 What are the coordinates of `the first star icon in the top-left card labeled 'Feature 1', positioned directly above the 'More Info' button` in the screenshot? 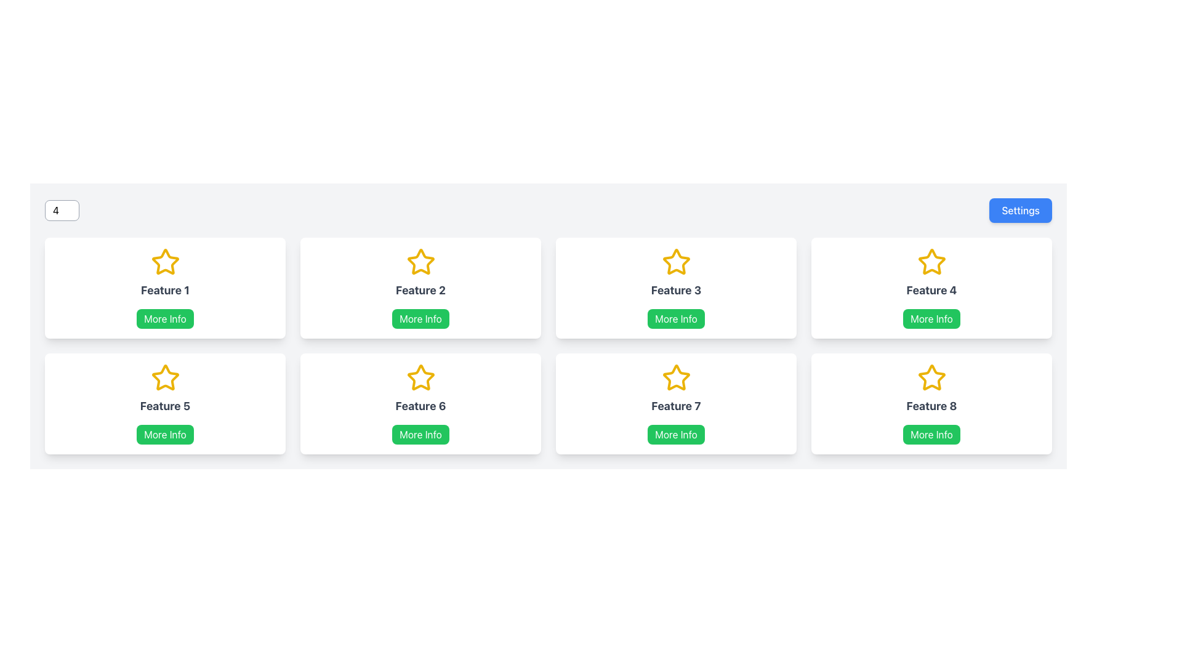 It's located at (164, 261).